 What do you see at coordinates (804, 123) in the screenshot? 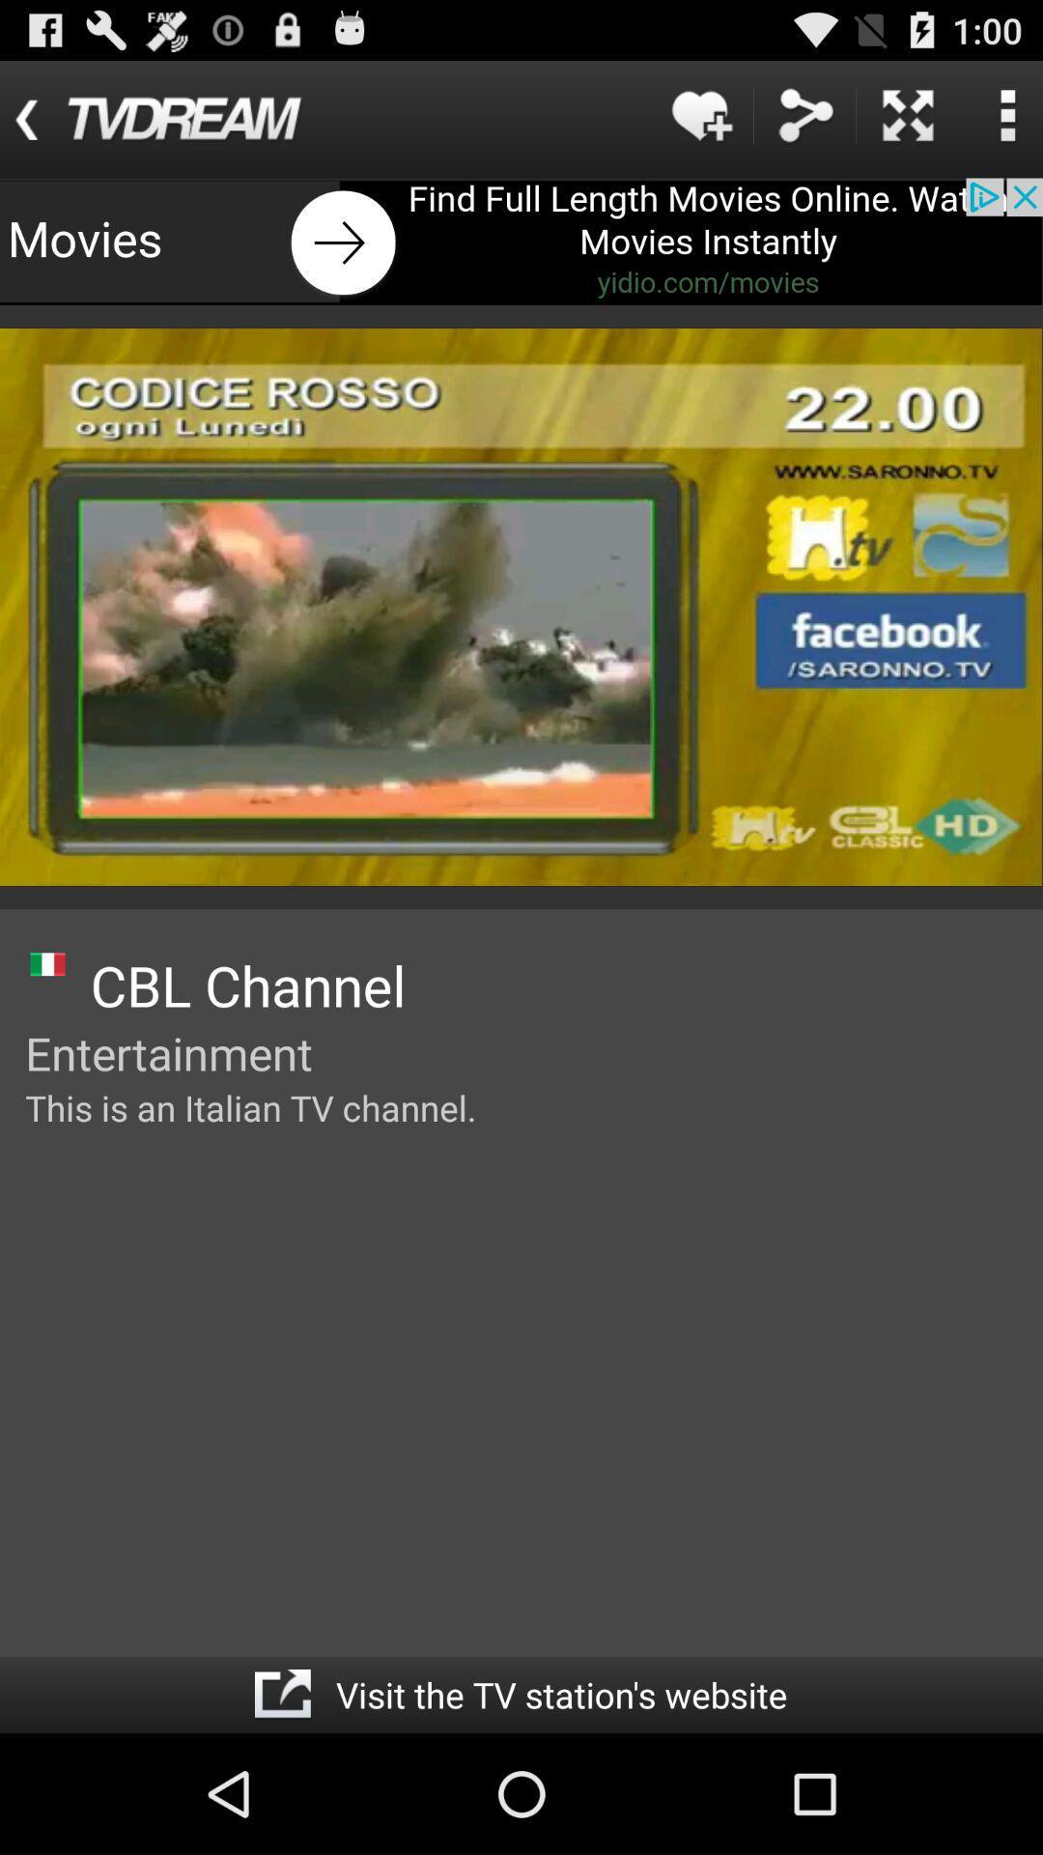
I see `the share icon` at bounding box center [804, 123].